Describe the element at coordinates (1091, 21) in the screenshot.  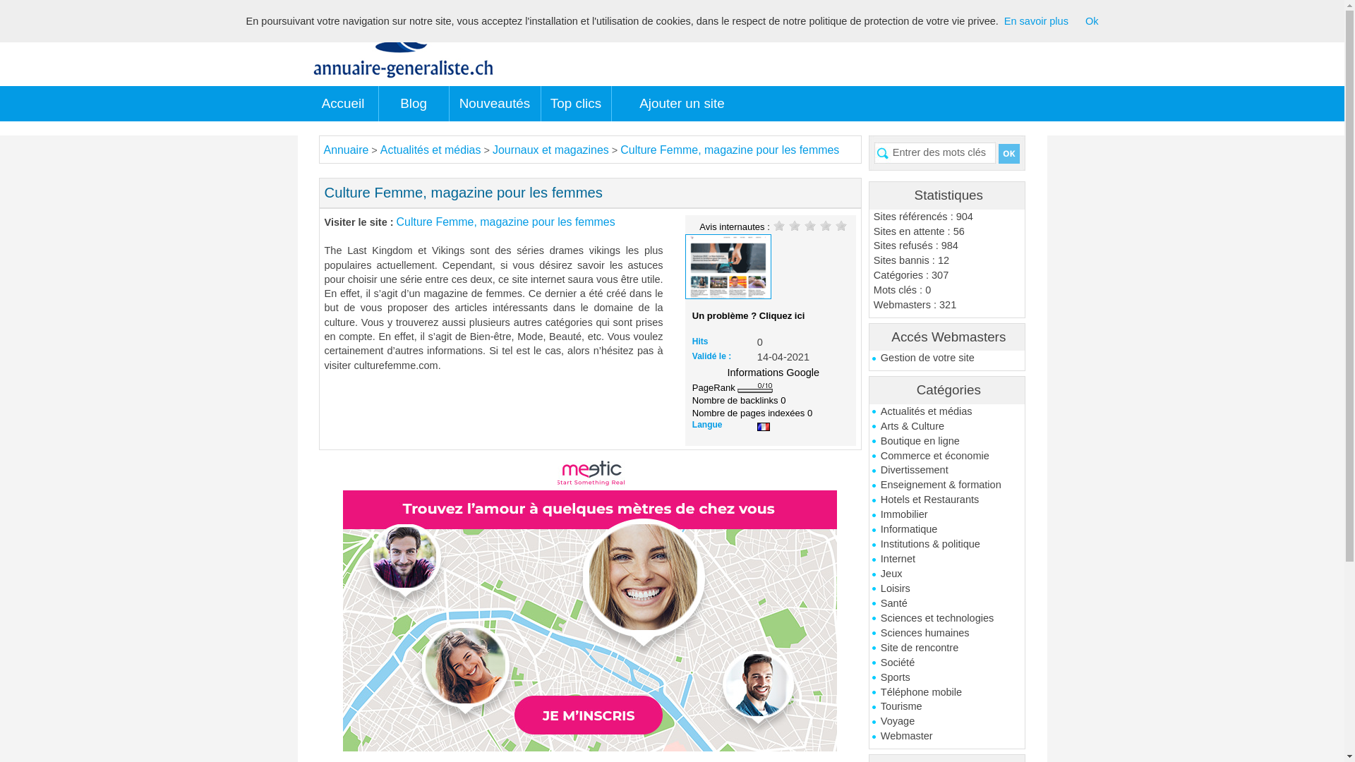
I see `'Ok'` at that location.